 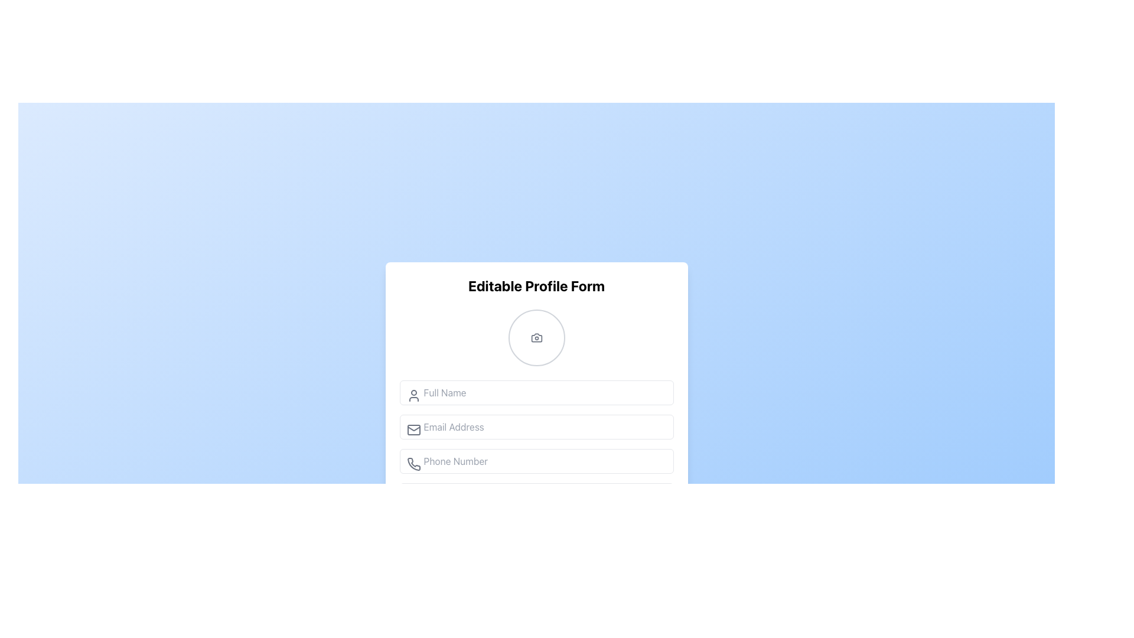 I want to click on the email address icon that visually indicates the associated text field for email input, located to the left of the email input field, so click(x=413, y=430).